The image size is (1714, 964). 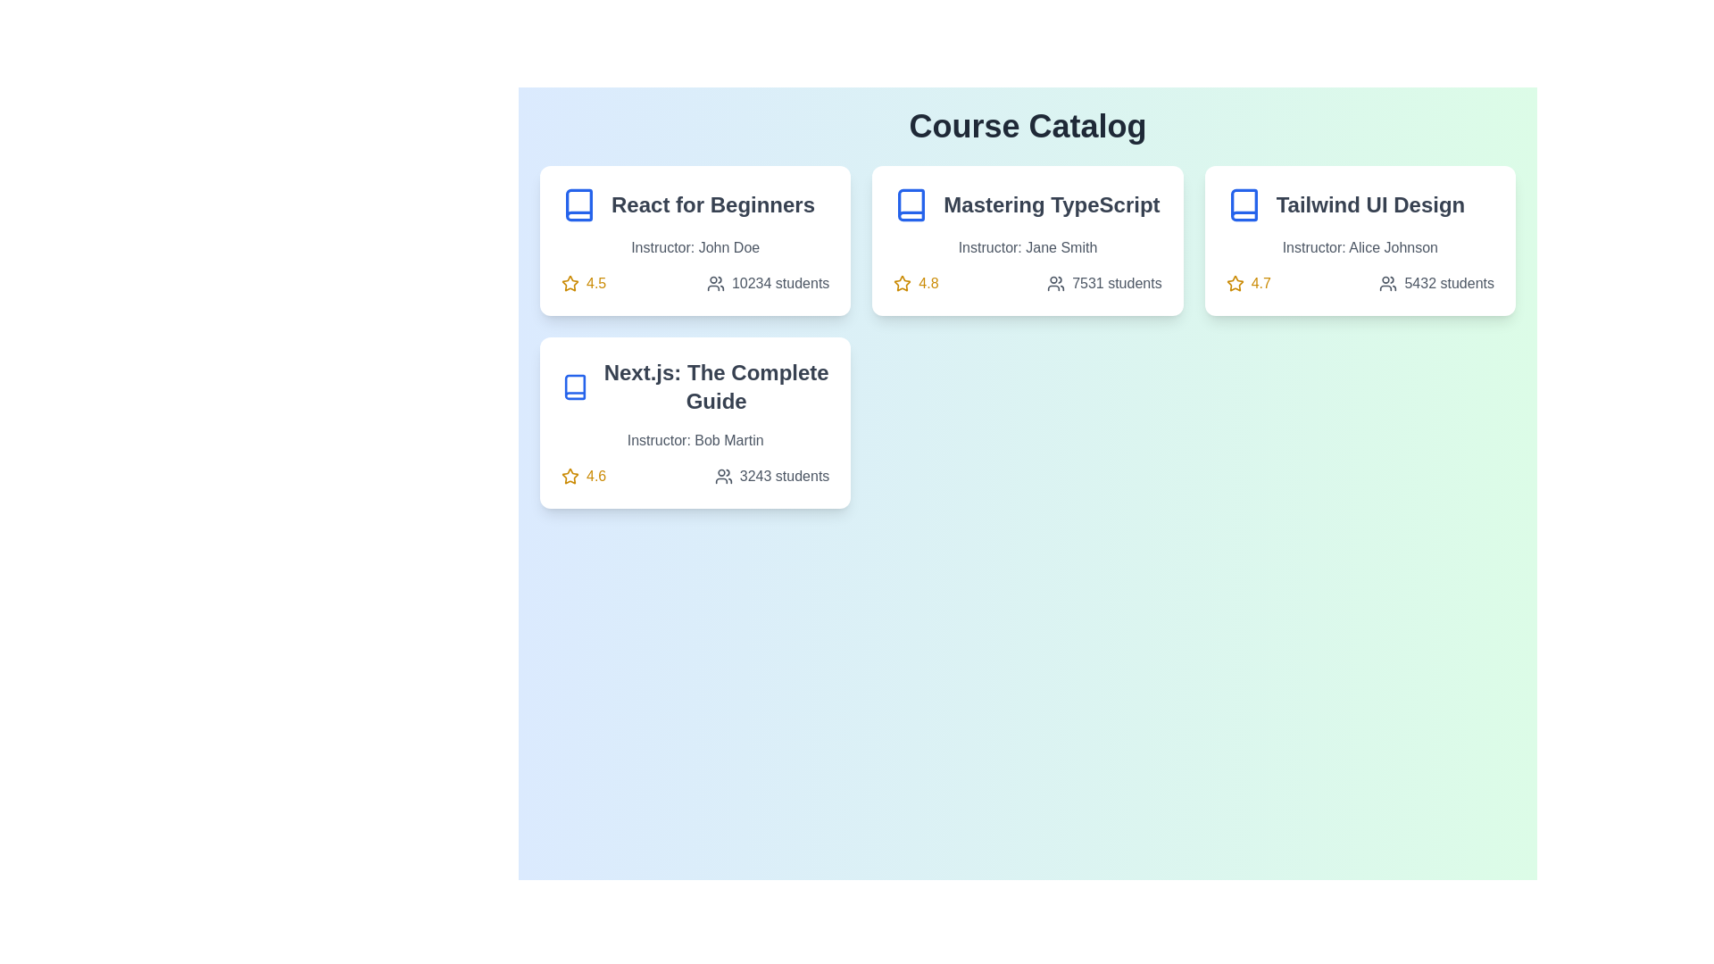 I want to click on the icon representing the number of enrolled students, located in the bottom-left card next to the text '3243 students', so click(x=723, y=475).